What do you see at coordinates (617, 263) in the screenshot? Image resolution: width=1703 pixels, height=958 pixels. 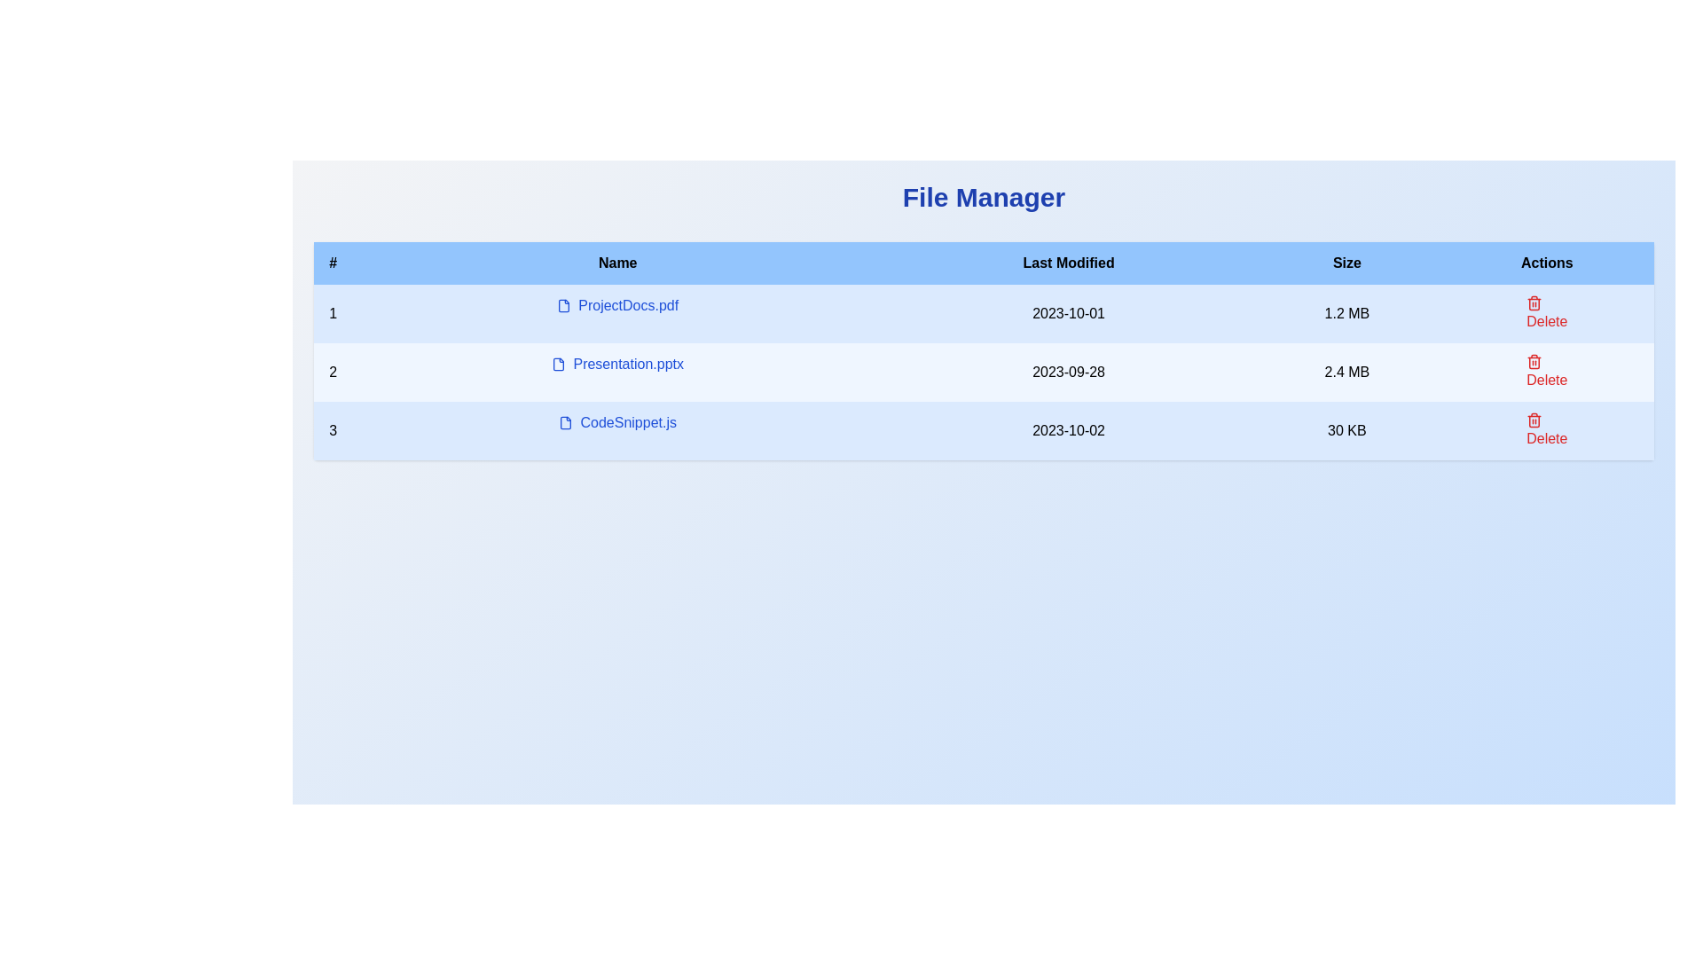 I see `the 'Name' column header in the table, which is the second column header located between the '#' header and the 'Last Modified' header` at bounding box center [617, 263].